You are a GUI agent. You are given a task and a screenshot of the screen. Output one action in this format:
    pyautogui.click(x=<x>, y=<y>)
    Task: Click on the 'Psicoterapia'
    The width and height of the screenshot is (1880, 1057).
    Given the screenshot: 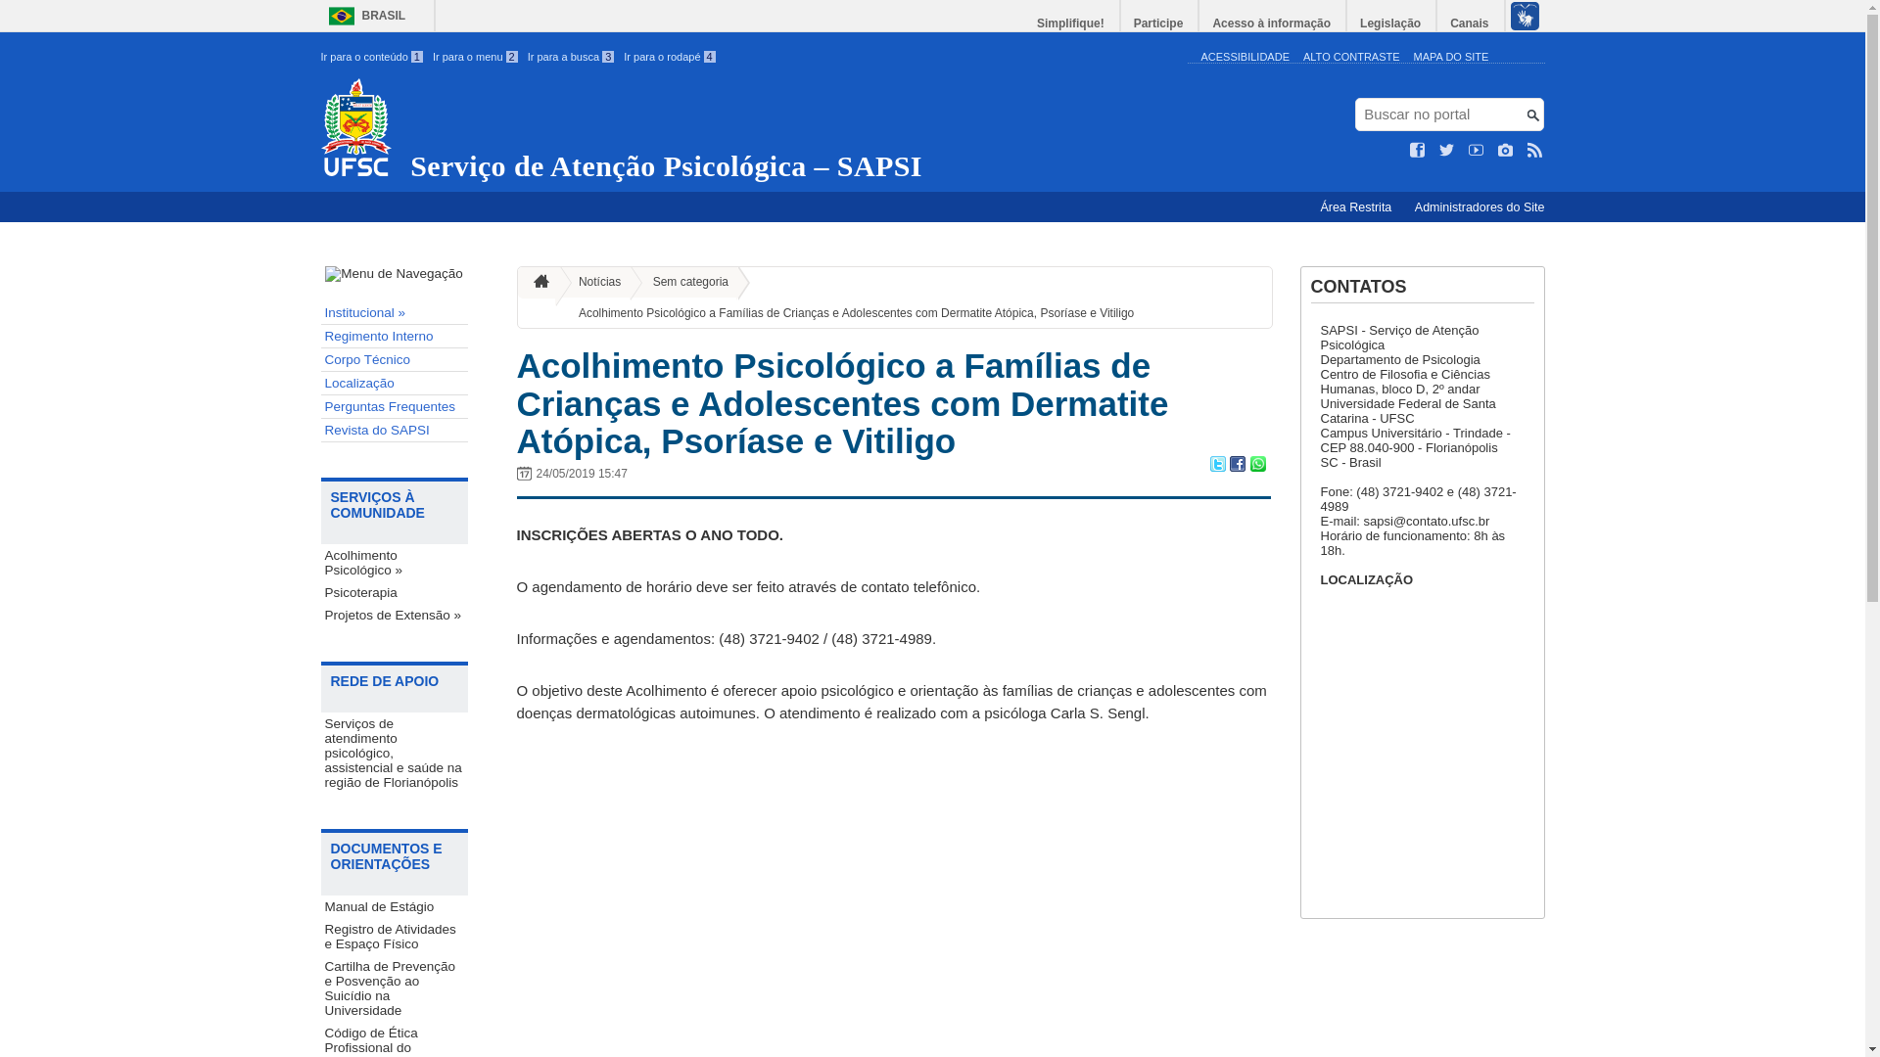 What is the action you would take?
    pyautogui.click(x=394, y=591)
    